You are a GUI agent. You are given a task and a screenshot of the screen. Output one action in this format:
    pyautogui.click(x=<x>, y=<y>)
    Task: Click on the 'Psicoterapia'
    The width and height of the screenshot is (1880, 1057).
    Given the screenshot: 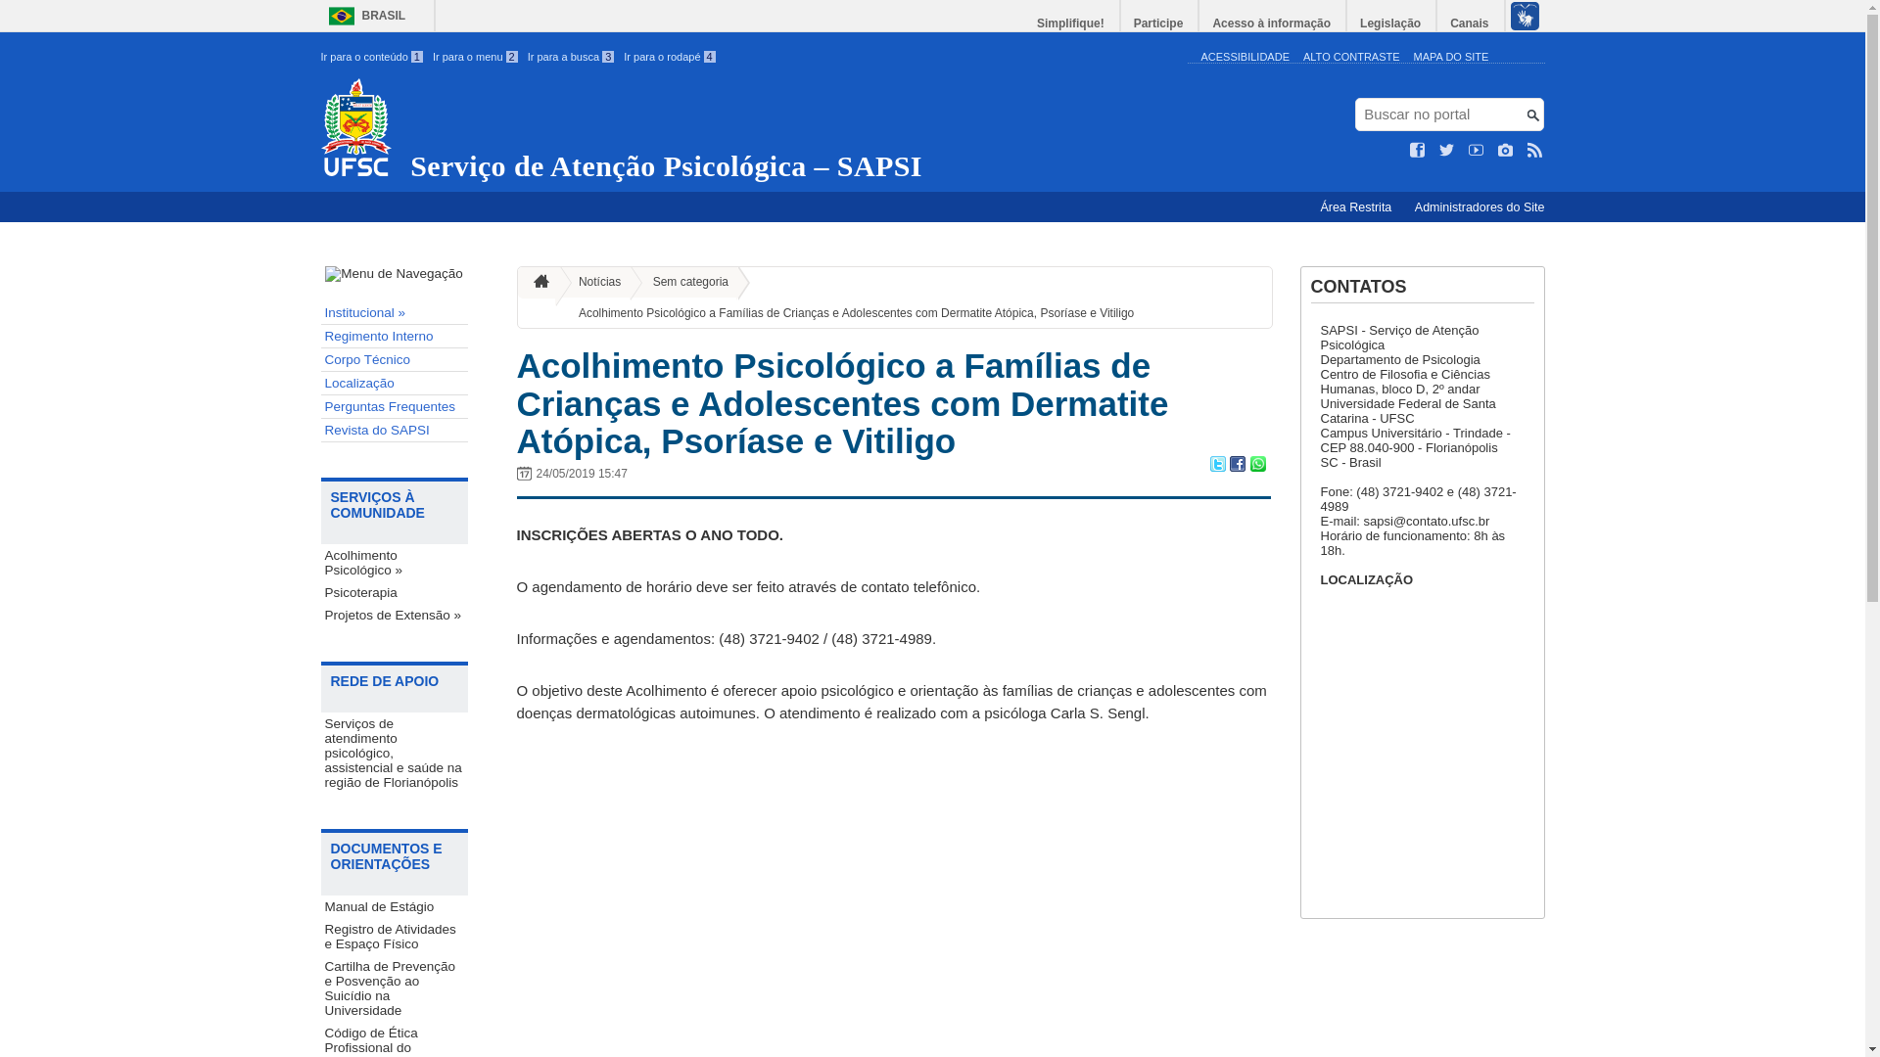 What is the action you would take?
    pyautogui.click(x=394, y=591)
    